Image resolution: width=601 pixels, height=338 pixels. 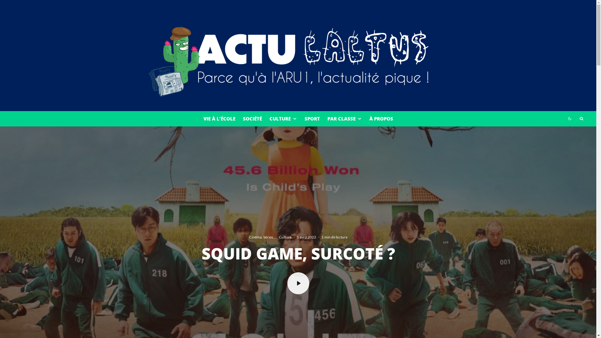 What do you see at coordinates (323, 119) in the screenshot?
I see `'PAR CLASSE'` at bounding box center [323, 119].